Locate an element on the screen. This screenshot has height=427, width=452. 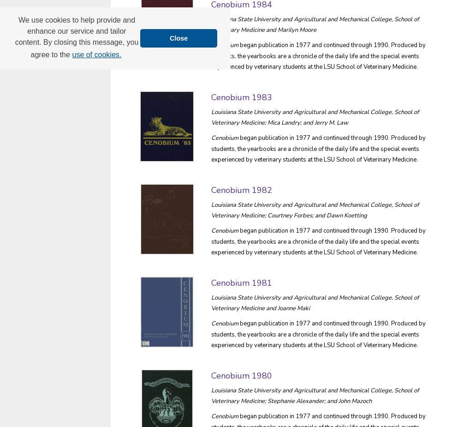
'Cenobium 1983' is located at coordinates (242, 96).